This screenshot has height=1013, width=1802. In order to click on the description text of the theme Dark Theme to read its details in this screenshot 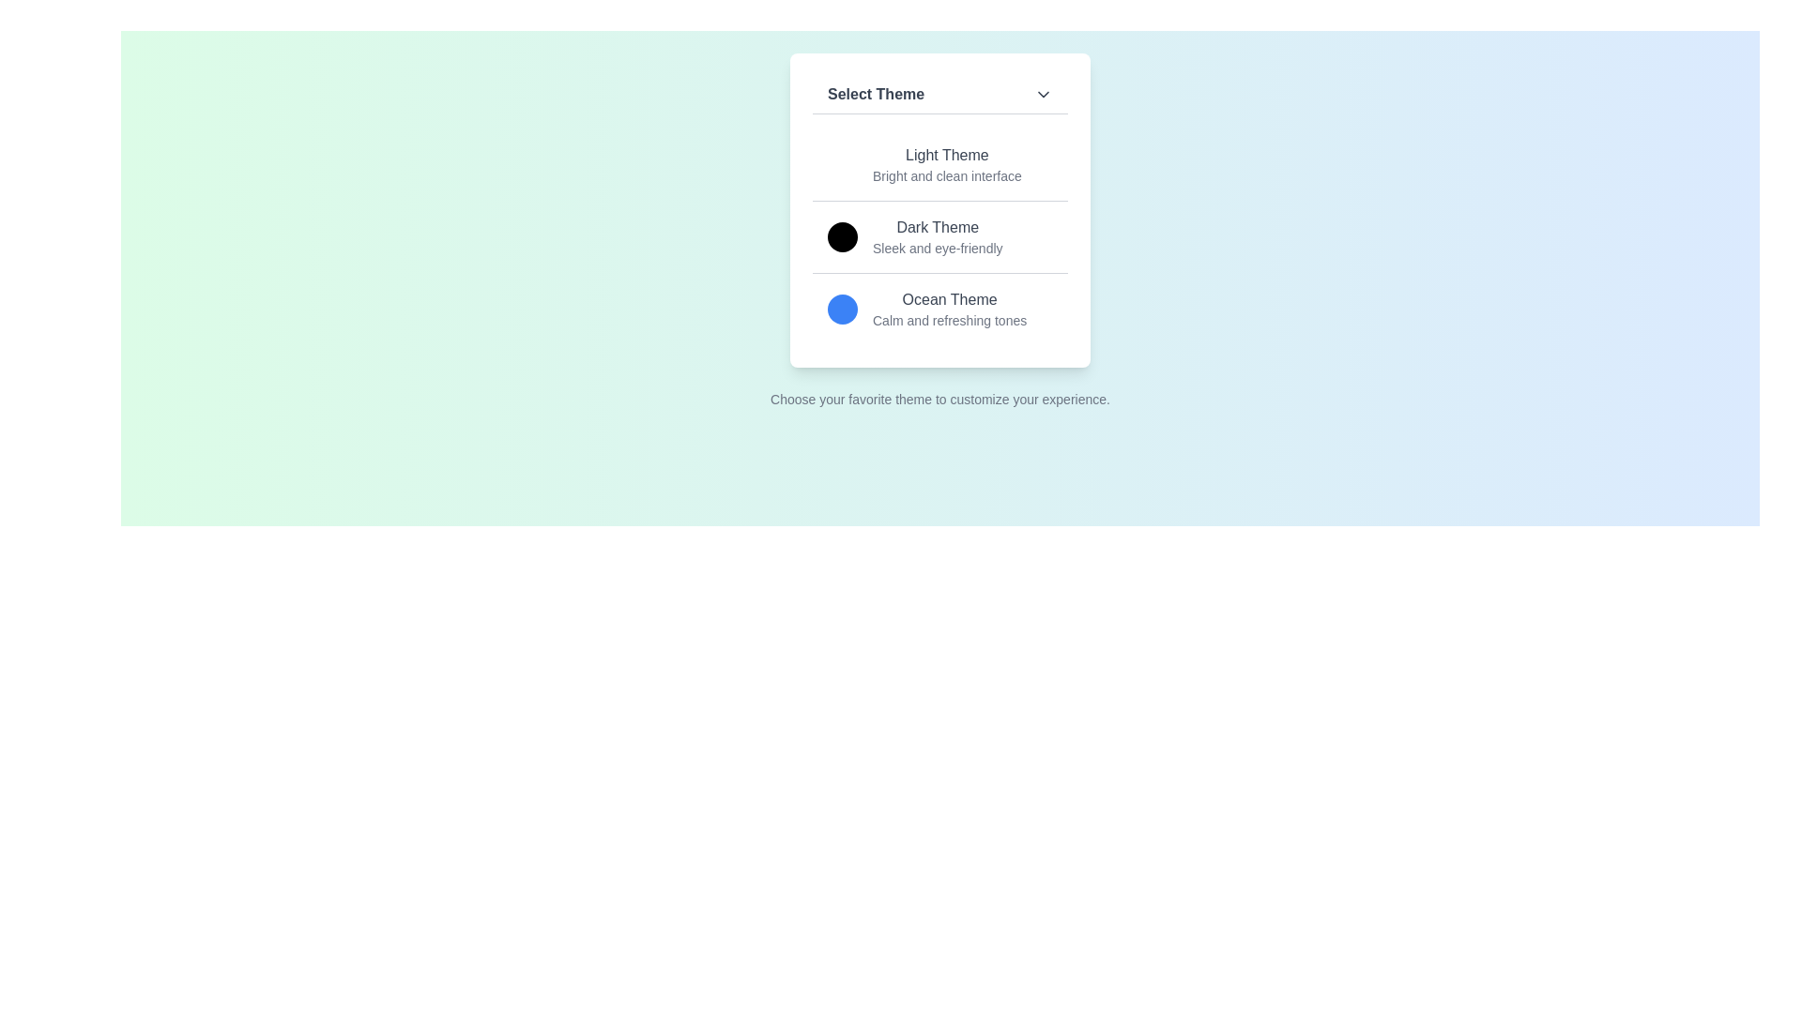, I will do `click(937, 248)`.